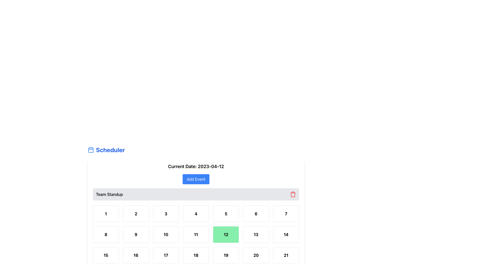 This screenshot has height=273, width=485. What do you see at coordinates (105, 214) in the screenshot?
I see `the first grid item, which is a rectangular box with a white background and the number '1' in bold black text` at bounding box center [105, 214].